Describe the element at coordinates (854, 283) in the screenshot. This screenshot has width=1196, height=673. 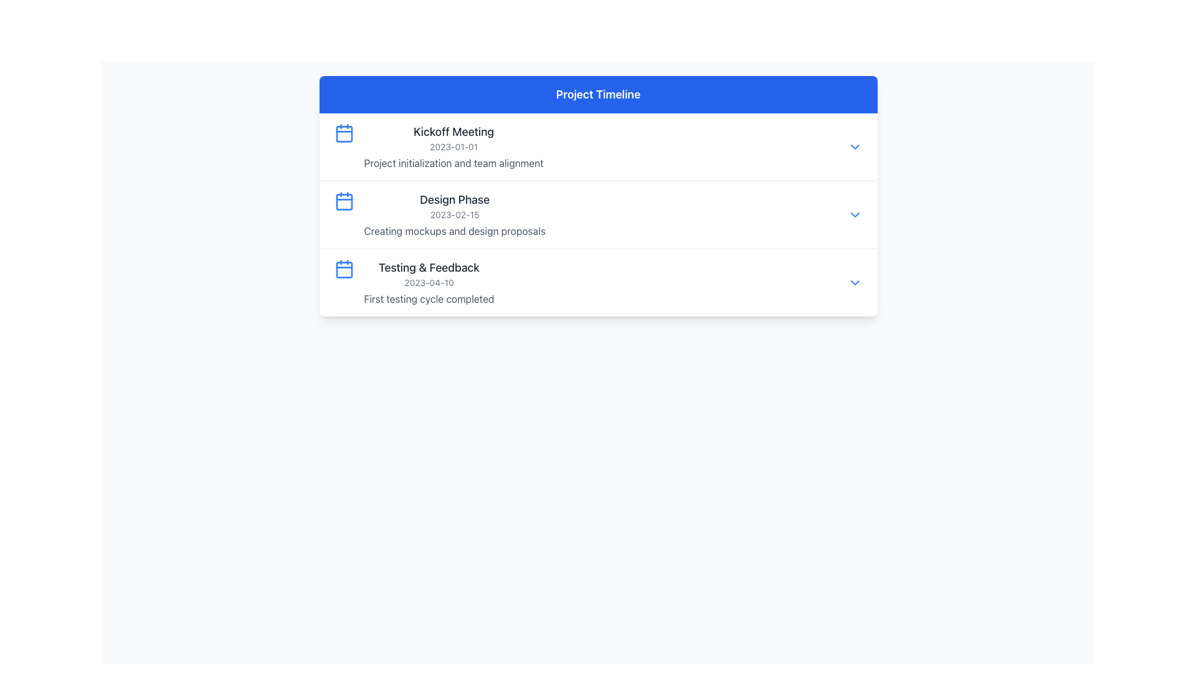
I see `the toggle button located to the far right of the 'Testing & Feedback' entry in the timeline list` at that location.